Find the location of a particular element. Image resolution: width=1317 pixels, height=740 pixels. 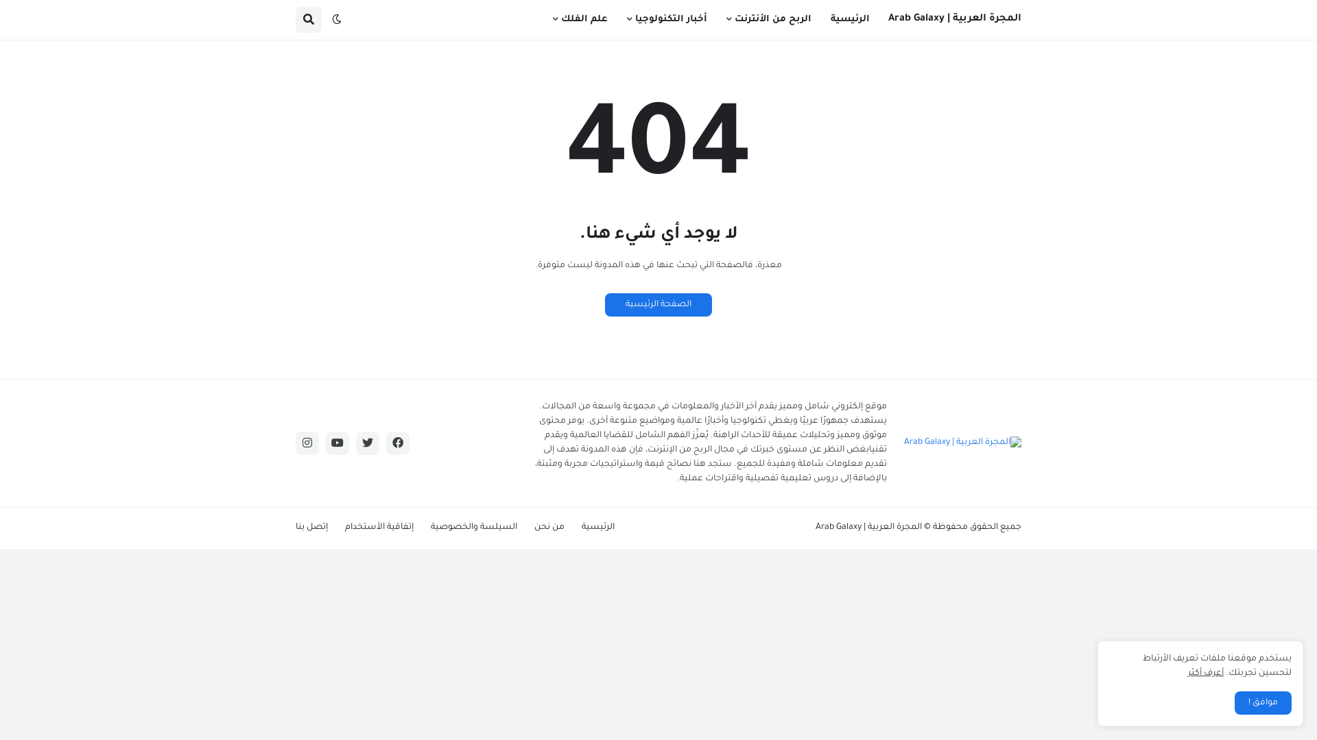

'instagram' is located at coordinates (306, 443).